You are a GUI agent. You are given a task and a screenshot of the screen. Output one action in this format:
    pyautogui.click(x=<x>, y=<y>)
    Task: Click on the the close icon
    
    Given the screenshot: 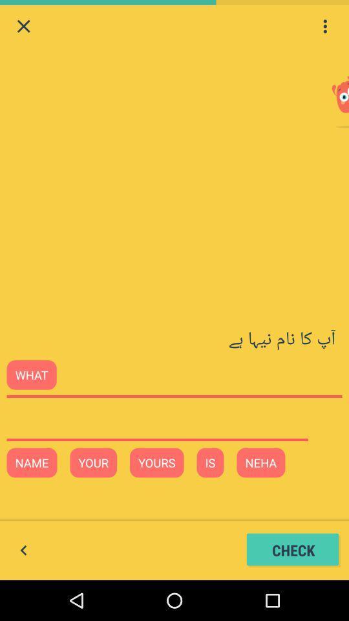 What is the action you would take?
    pyautogui.click(x=23, y=27)
    